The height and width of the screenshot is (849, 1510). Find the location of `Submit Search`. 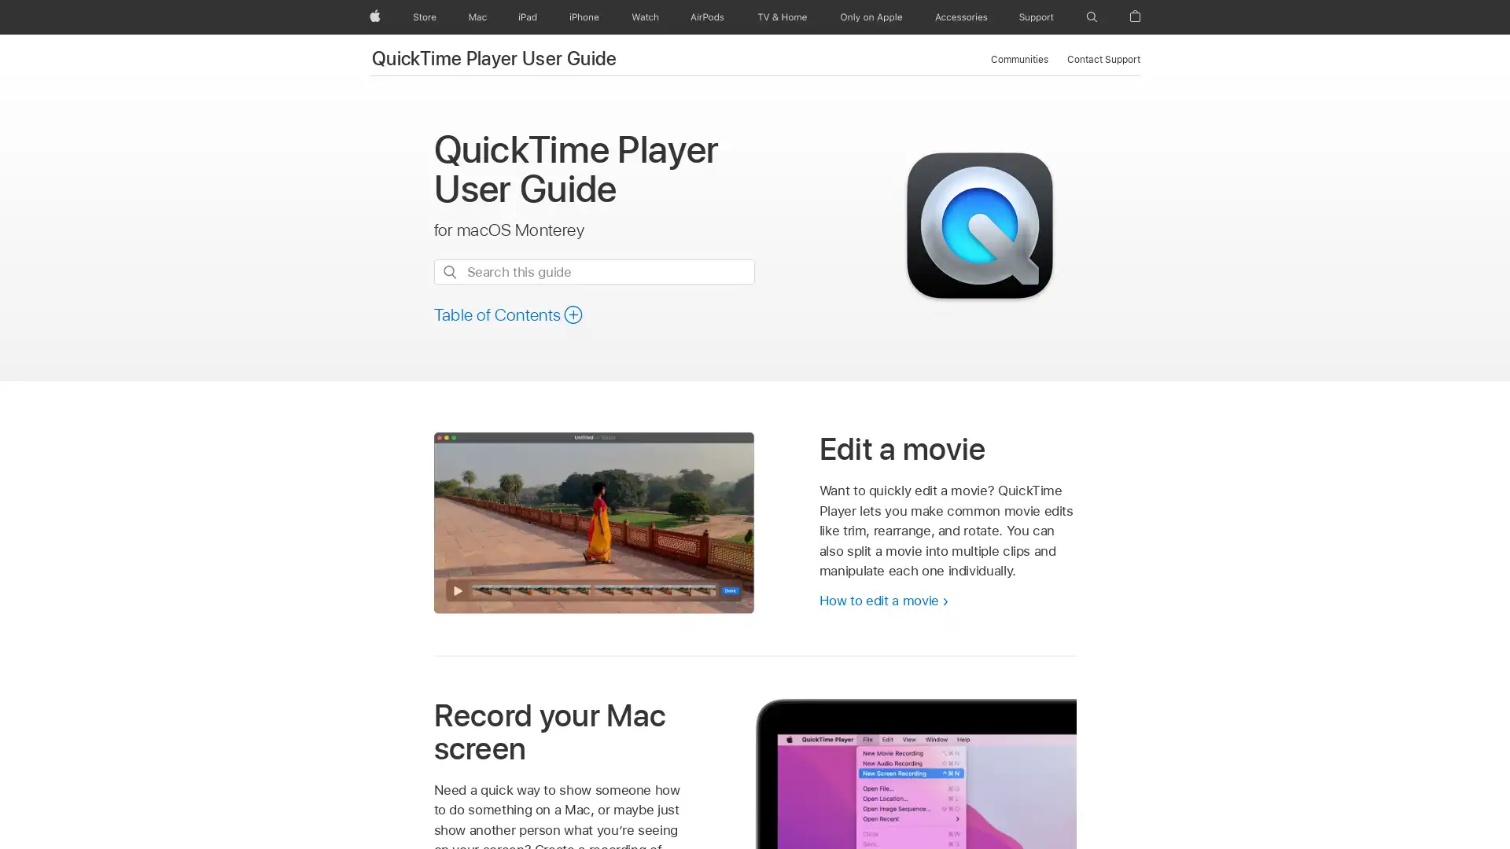

Submit Search is located at coordinates (448, 271).